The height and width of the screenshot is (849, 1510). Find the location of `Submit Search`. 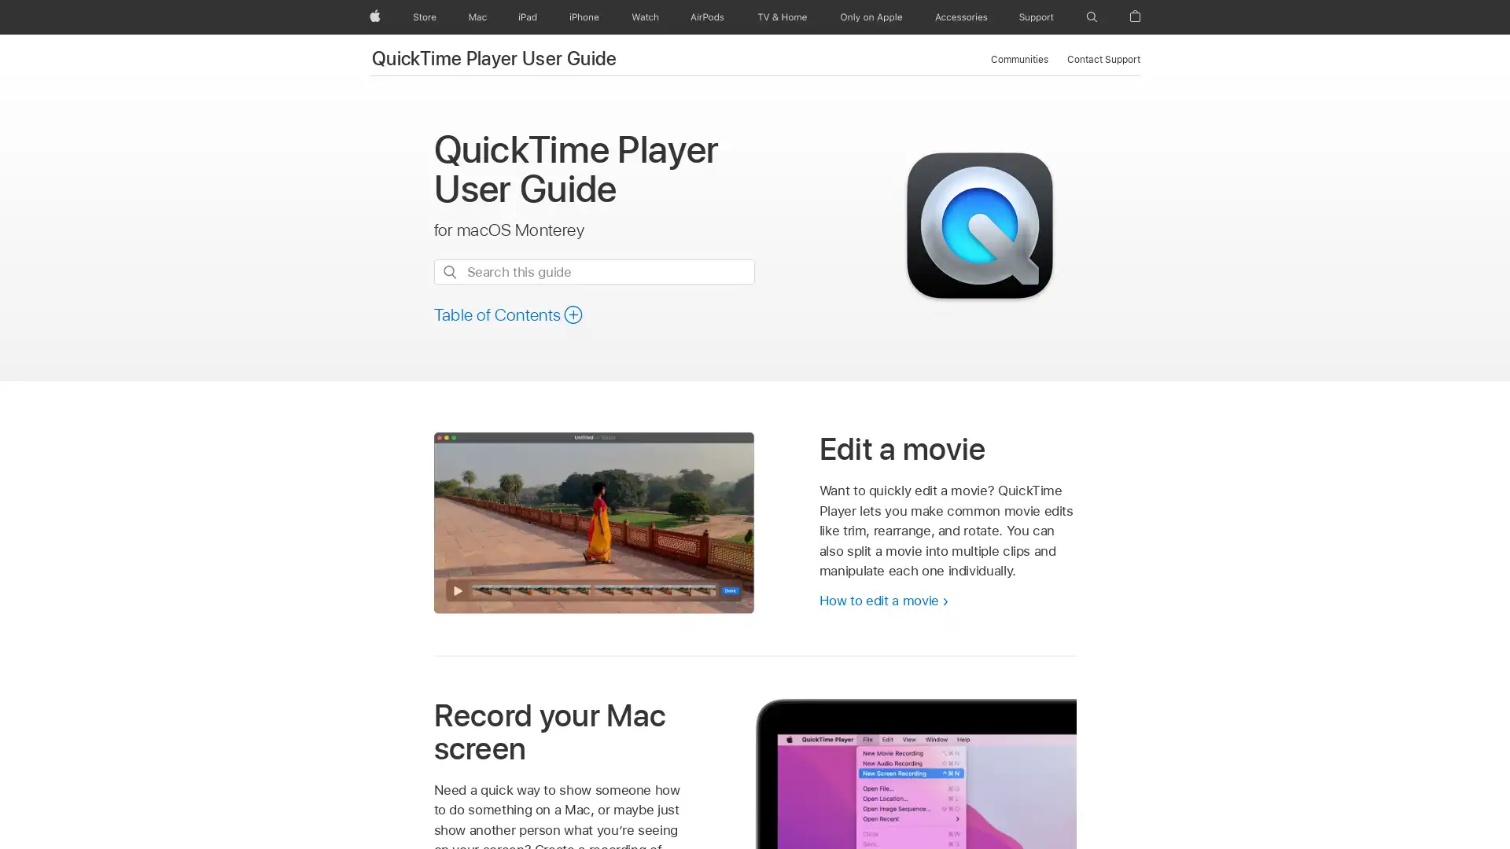

Submit Search is located at coordinates (448, 271).